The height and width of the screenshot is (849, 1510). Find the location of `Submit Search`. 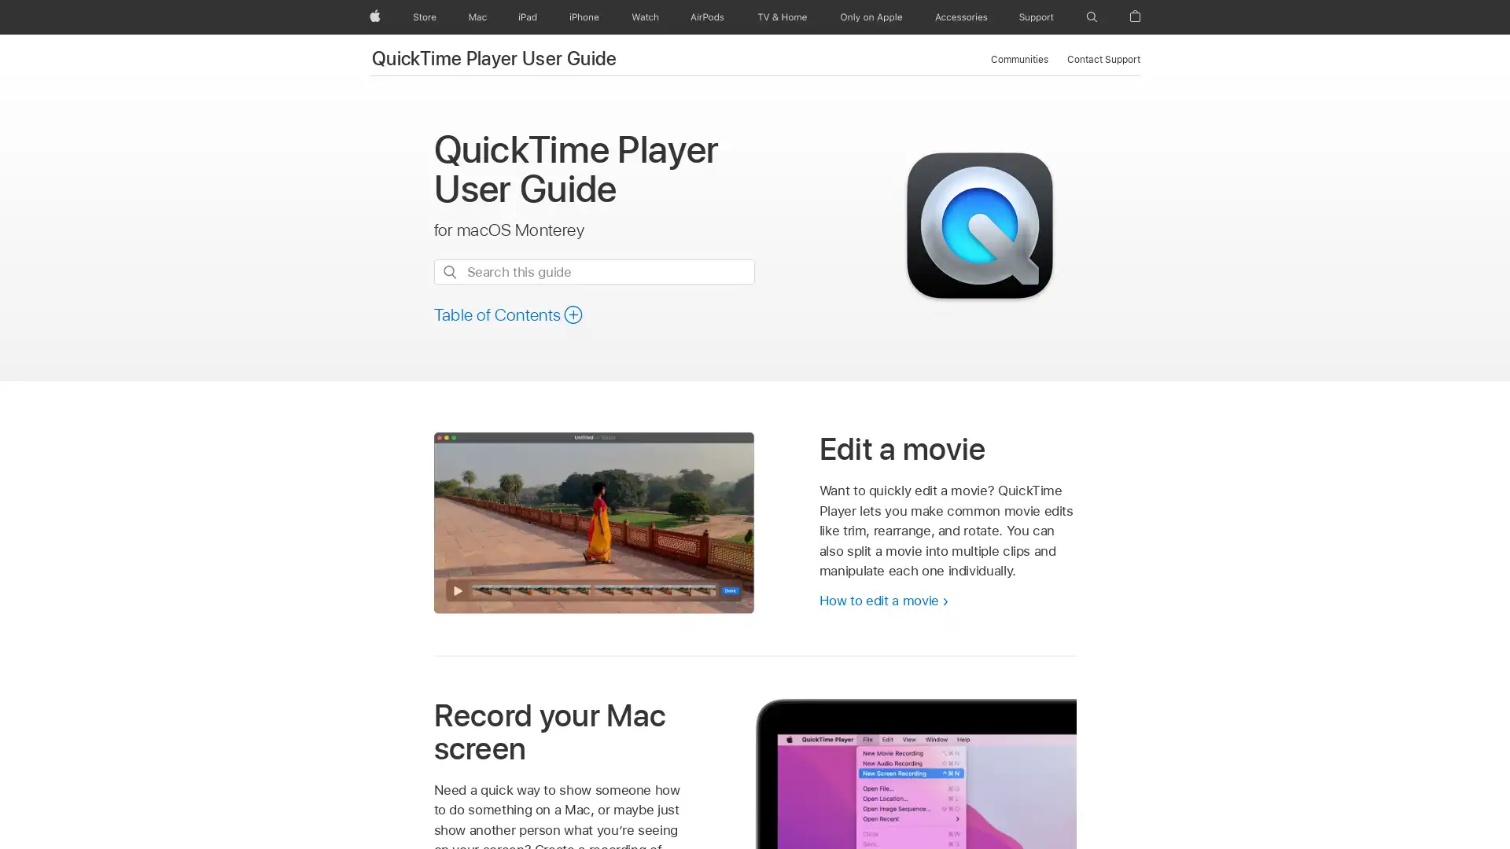

Submit Search is located at coordinates (448, 271).